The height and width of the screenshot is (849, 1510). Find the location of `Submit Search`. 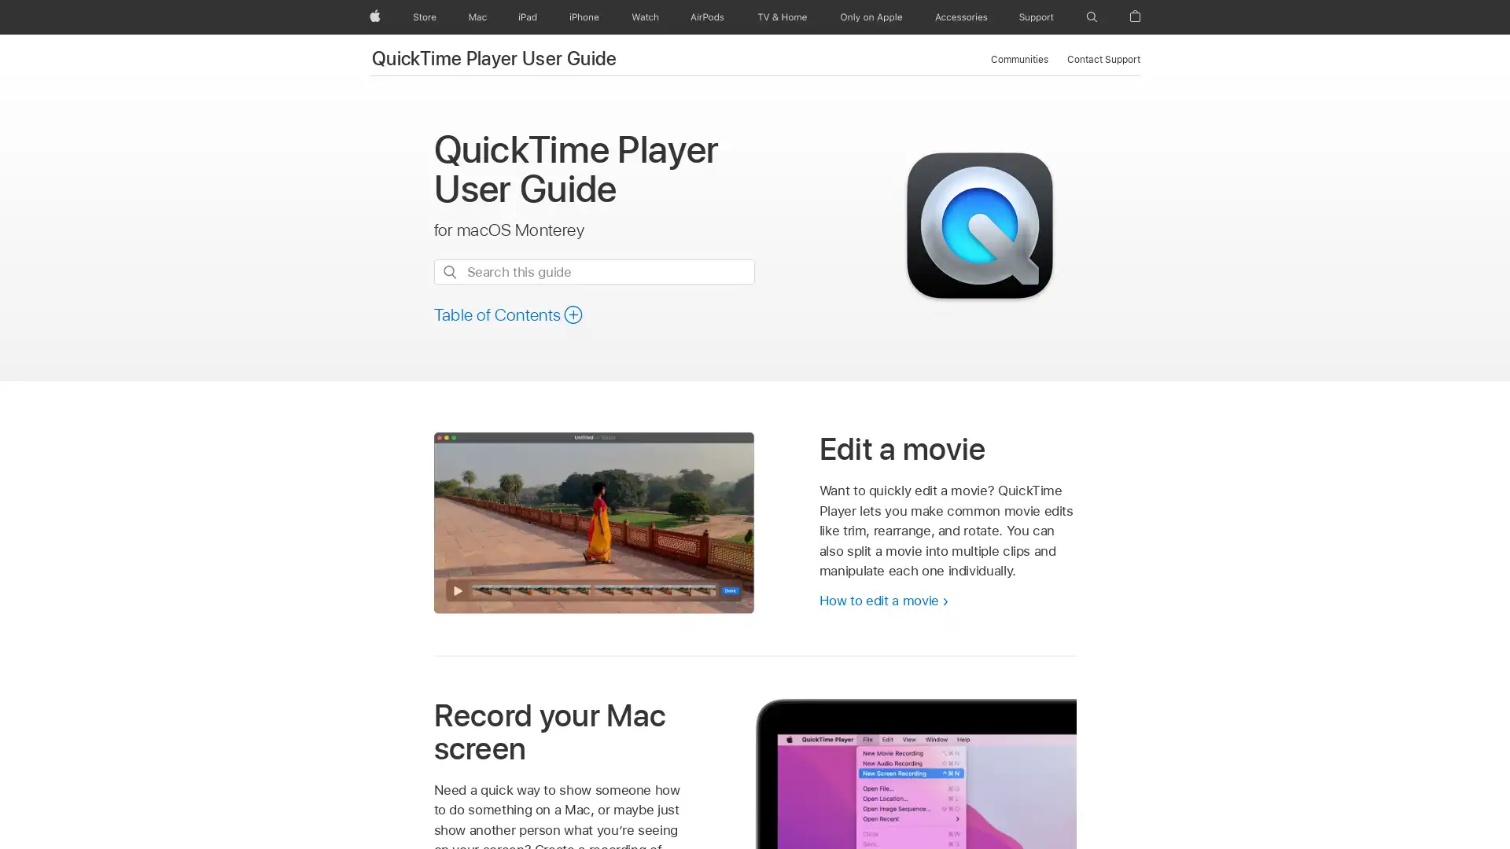

Submit Search is located at coordinates (448, 271).